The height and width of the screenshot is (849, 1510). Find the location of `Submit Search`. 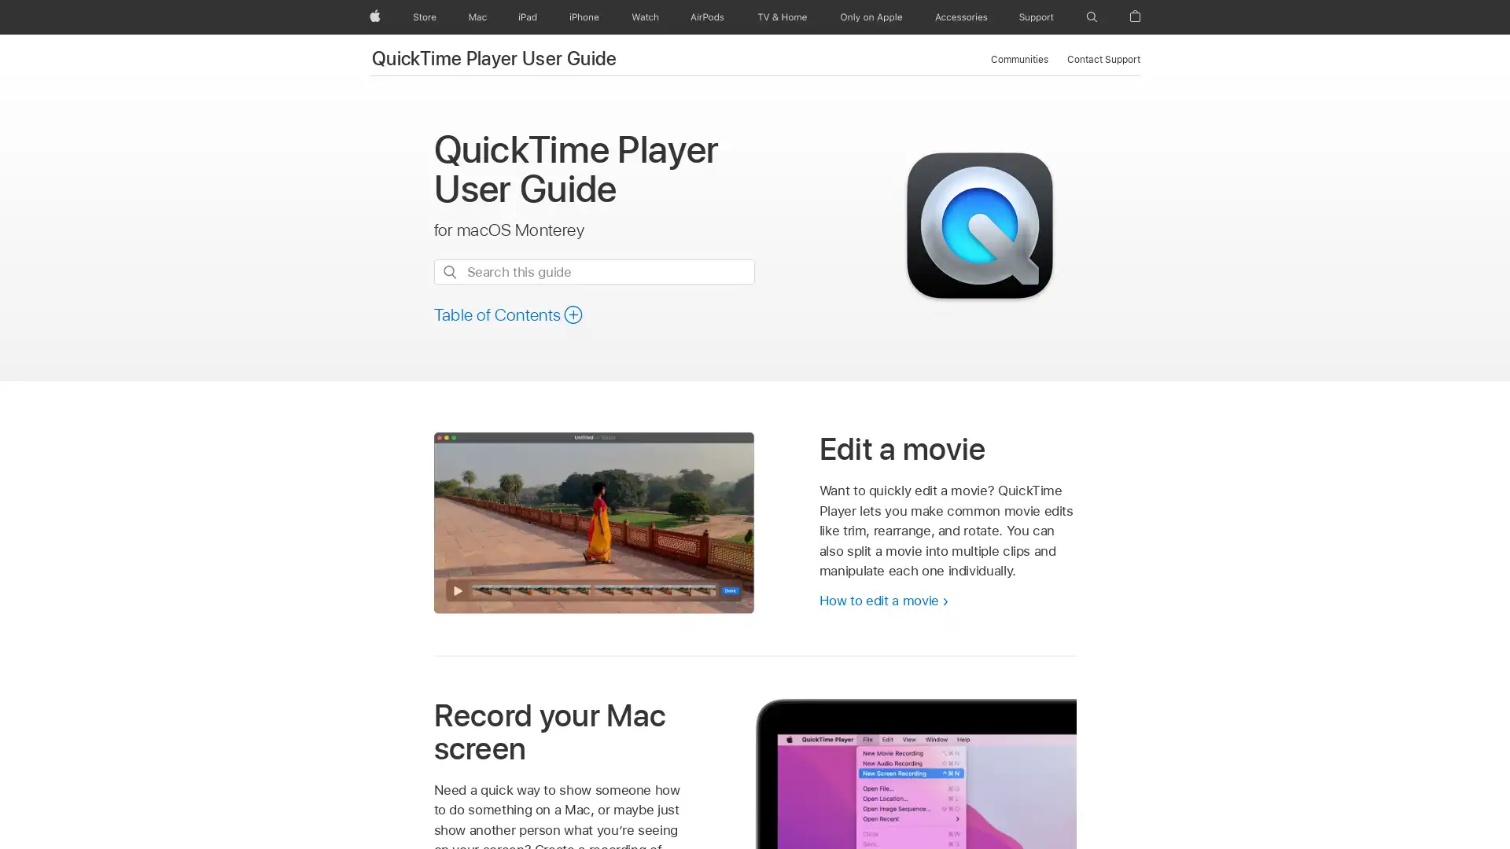

Submit Search is located at coordinates (448, 271).